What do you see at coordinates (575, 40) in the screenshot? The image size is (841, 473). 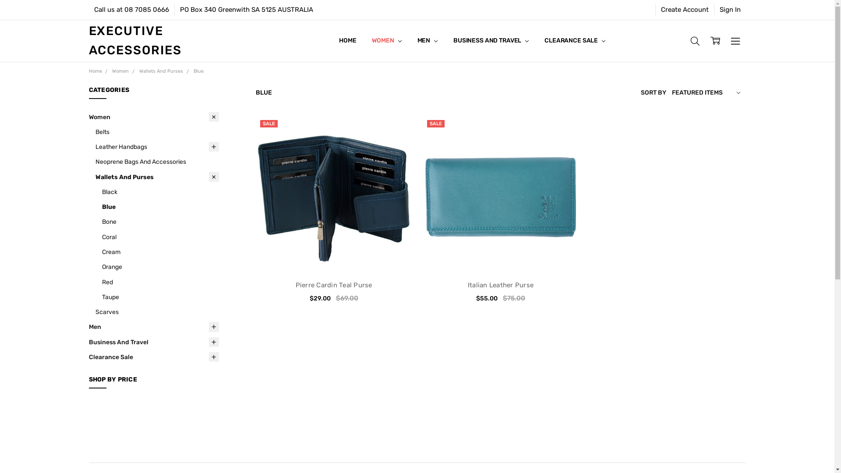 I see `'CLEARANCE SALE'` at bounding box center [575, 40].